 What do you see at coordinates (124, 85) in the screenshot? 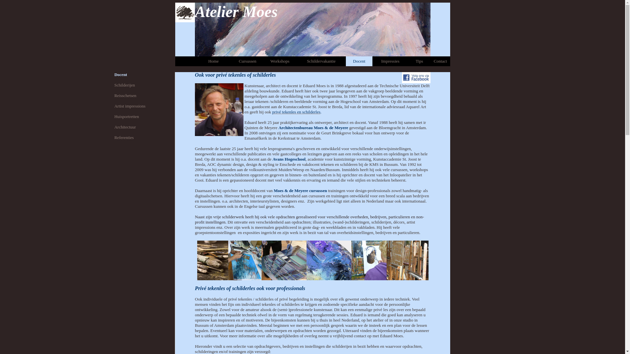
I see `'Schilderijen'` at bounding box center [124, 85].